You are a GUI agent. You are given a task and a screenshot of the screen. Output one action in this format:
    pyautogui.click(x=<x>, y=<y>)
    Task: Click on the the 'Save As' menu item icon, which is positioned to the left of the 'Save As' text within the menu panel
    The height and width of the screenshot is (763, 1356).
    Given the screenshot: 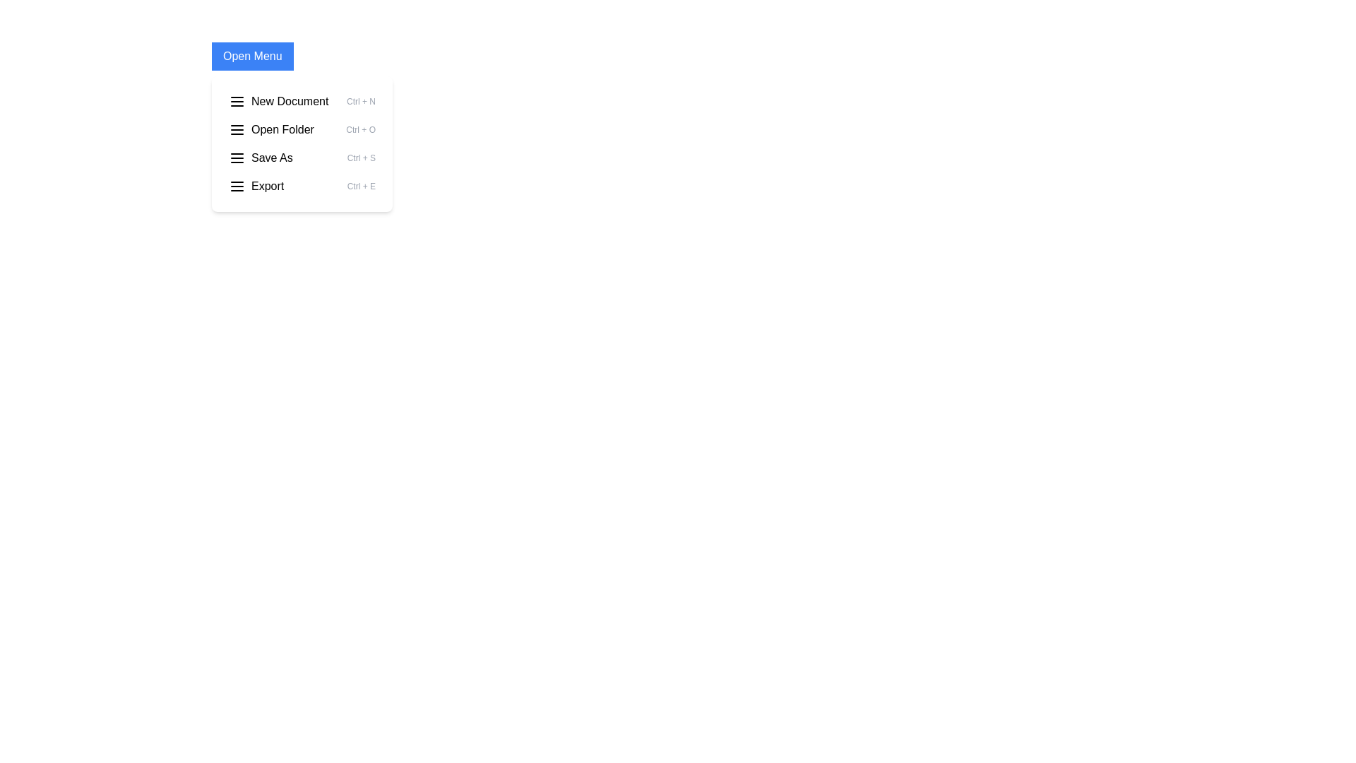 What is the action you would take?
    pyautogui.click(x=237, y=158)
    